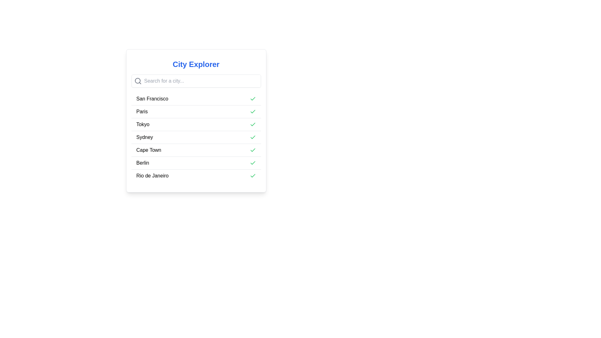 Image resolution: width=601 pixels, height=338 pixels. I want to click on the green checkmark icon in the 'Sydney' row, so click(253, 137).